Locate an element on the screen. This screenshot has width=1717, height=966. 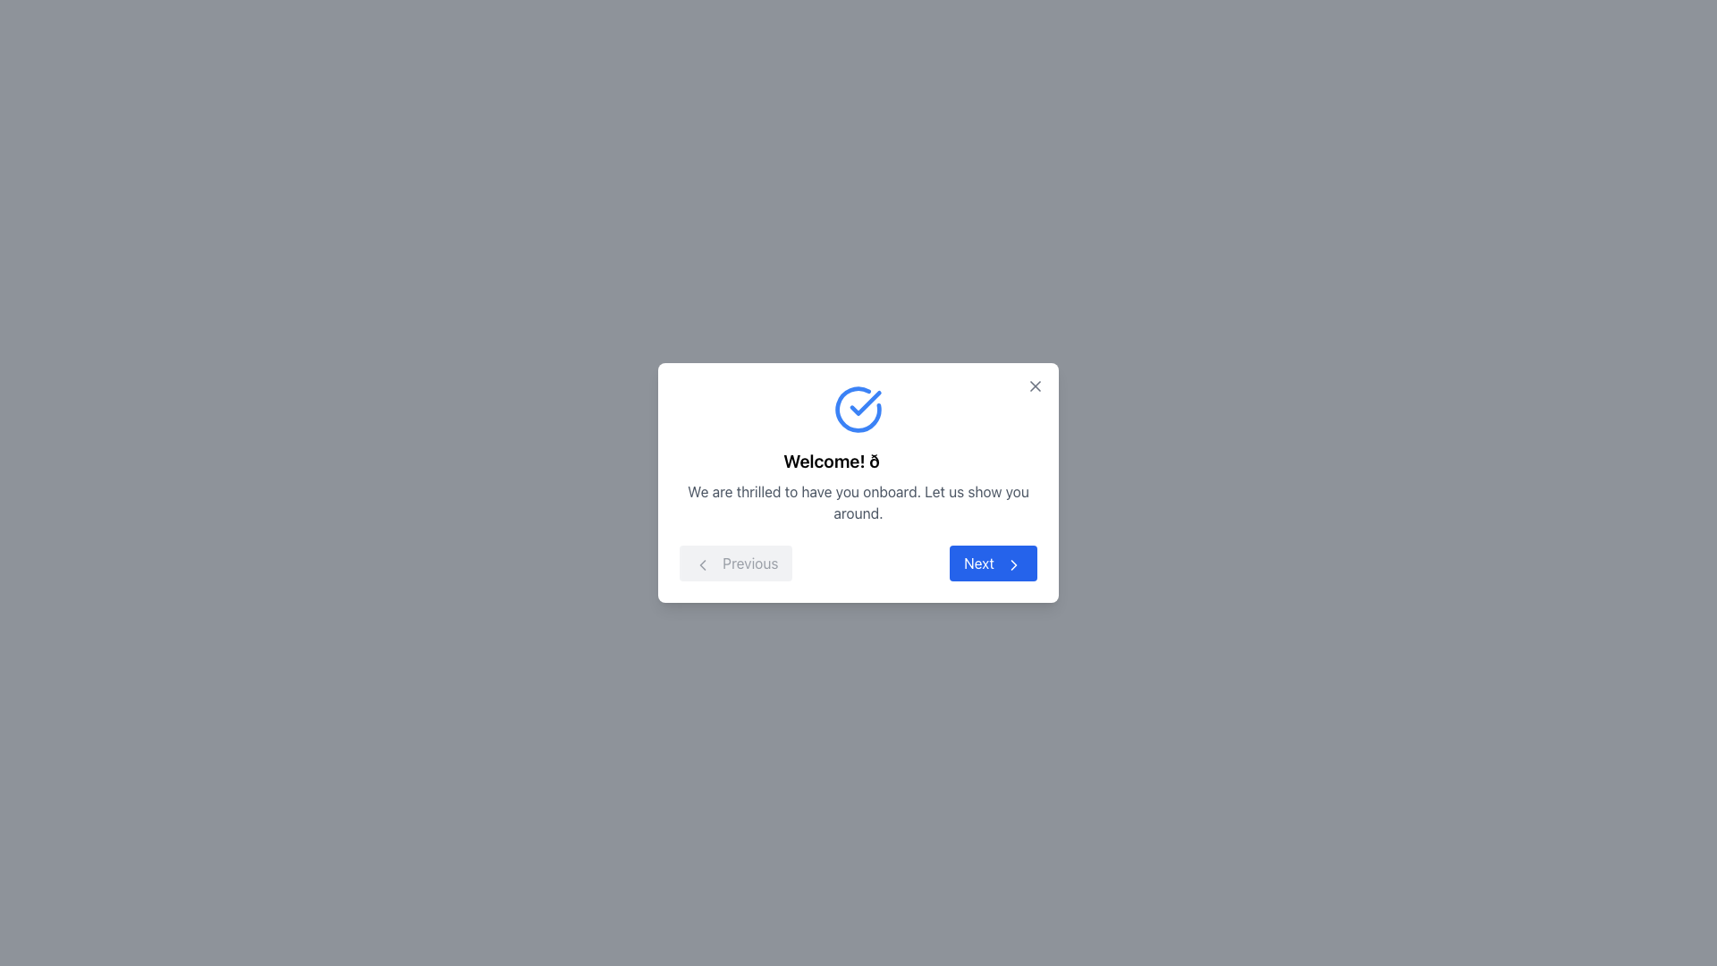
the 'X' icon, styled in gray, located at the top-right corner of the modal is located at coordinates (1035, 386).